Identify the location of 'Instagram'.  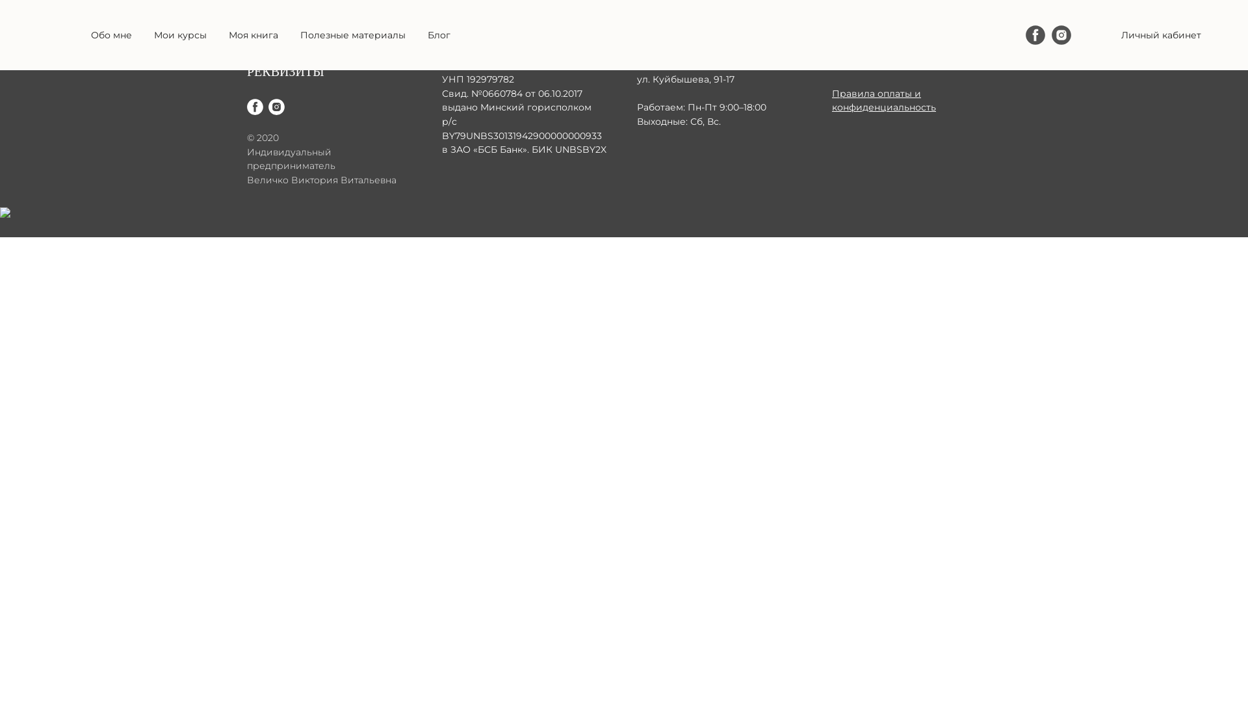
(1061, 34).